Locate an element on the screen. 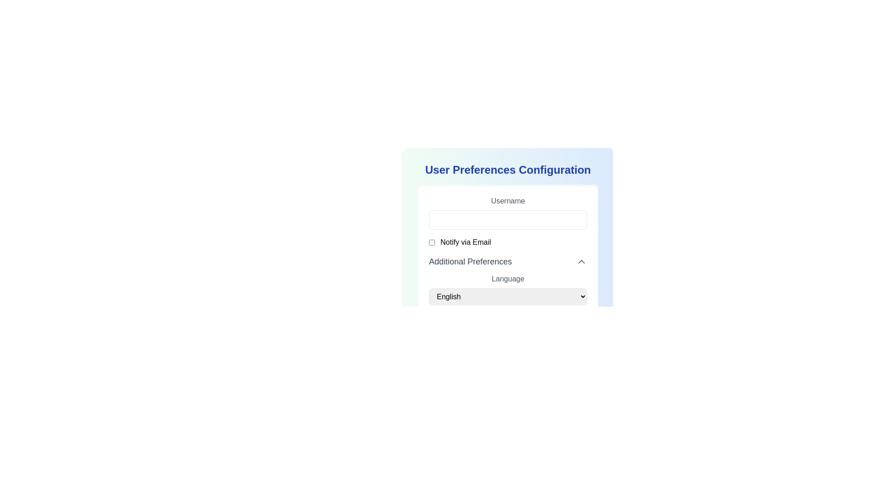 The width and height of the screenshot is (880, 495). the Chevron-Up icon located on the right-hand side of the 'Additional Preferences' section header is located at coordinates (581, 261).